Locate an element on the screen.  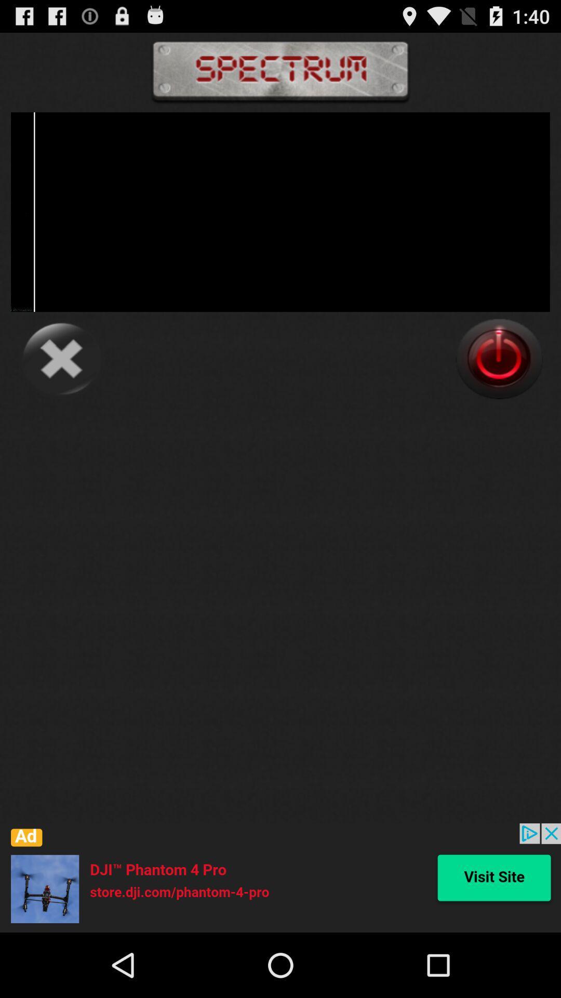
page is located at coordinates (61, 359).